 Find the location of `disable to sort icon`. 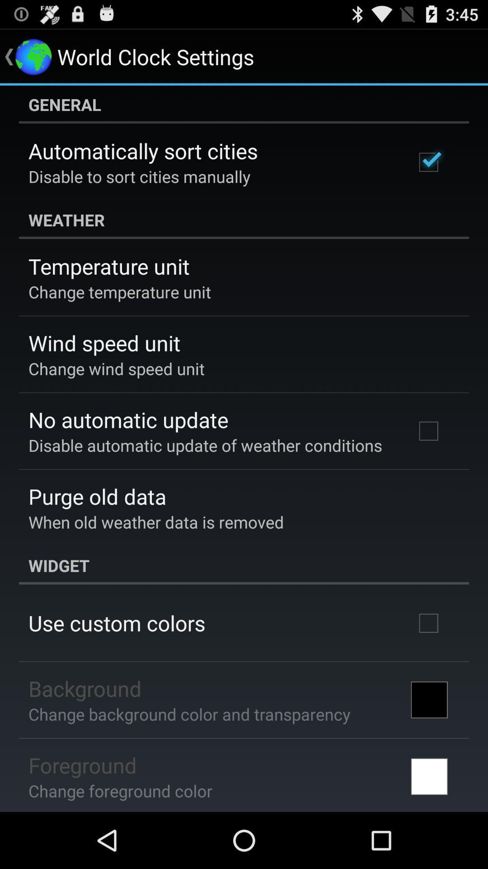

disable to sort icon is located at coordinates (139, 176).